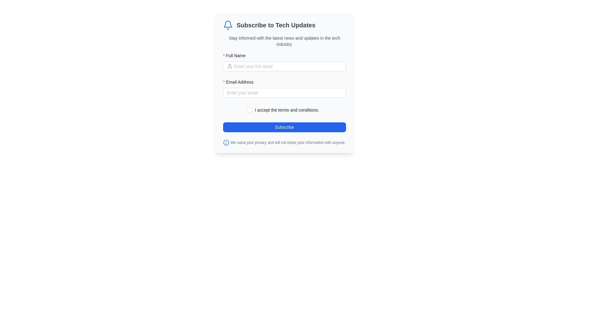 The width and height of the screenshot is (590, 332). What do you see at coordinates (284, 93) in the screenshot?
I see `the email address input field located below the 'Full Name' field to focus on it` at bounding box center [284, 93].